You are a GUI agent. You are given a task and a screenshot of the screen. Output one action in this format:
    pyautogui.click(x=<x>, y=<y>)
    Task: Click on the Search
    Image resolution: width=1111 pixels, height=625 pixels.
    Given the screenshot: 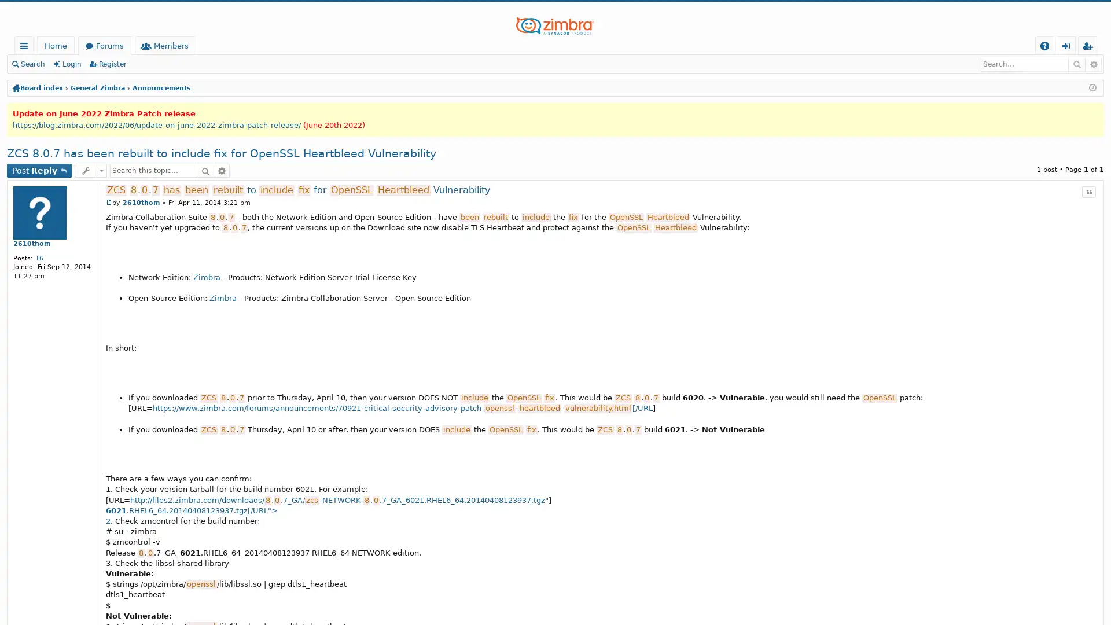 What is the action you would take?
    pyautogui.click(x=205, y=170)
    